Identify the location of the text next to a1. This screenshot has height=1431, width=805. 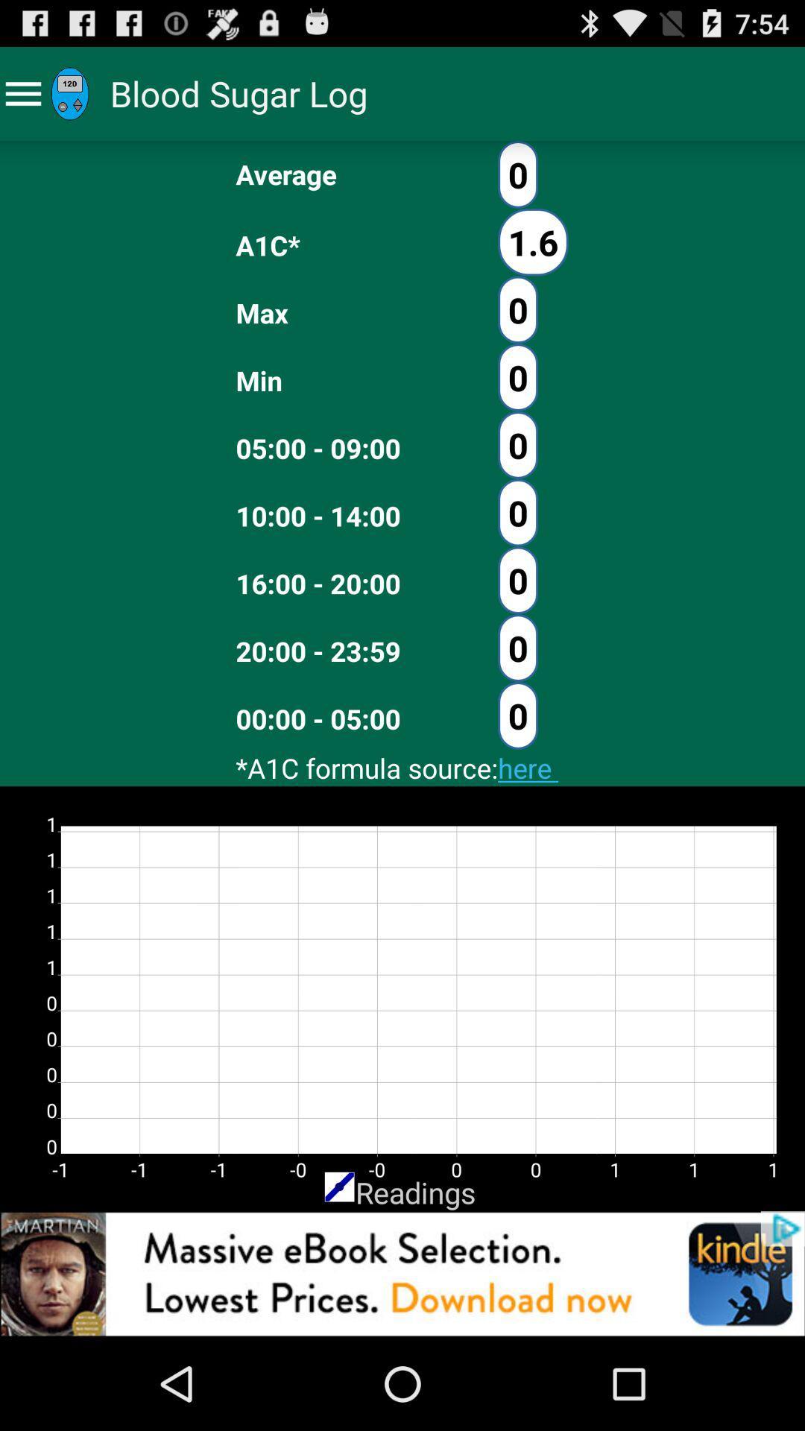
(532, 242).